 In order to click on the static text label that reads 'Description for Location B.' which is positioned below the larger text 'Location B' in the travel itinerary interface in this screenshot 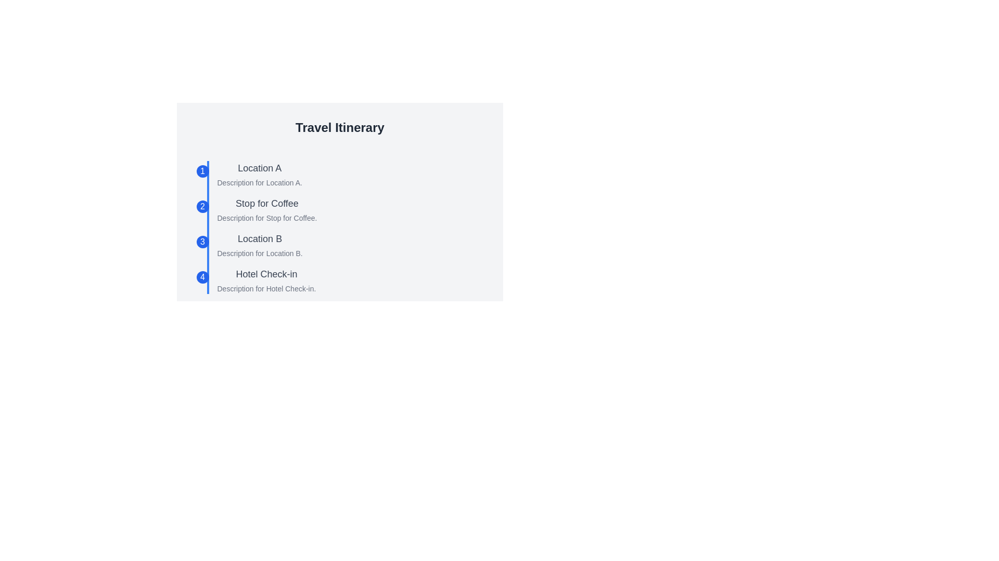, I will do `click(260, 253)`.